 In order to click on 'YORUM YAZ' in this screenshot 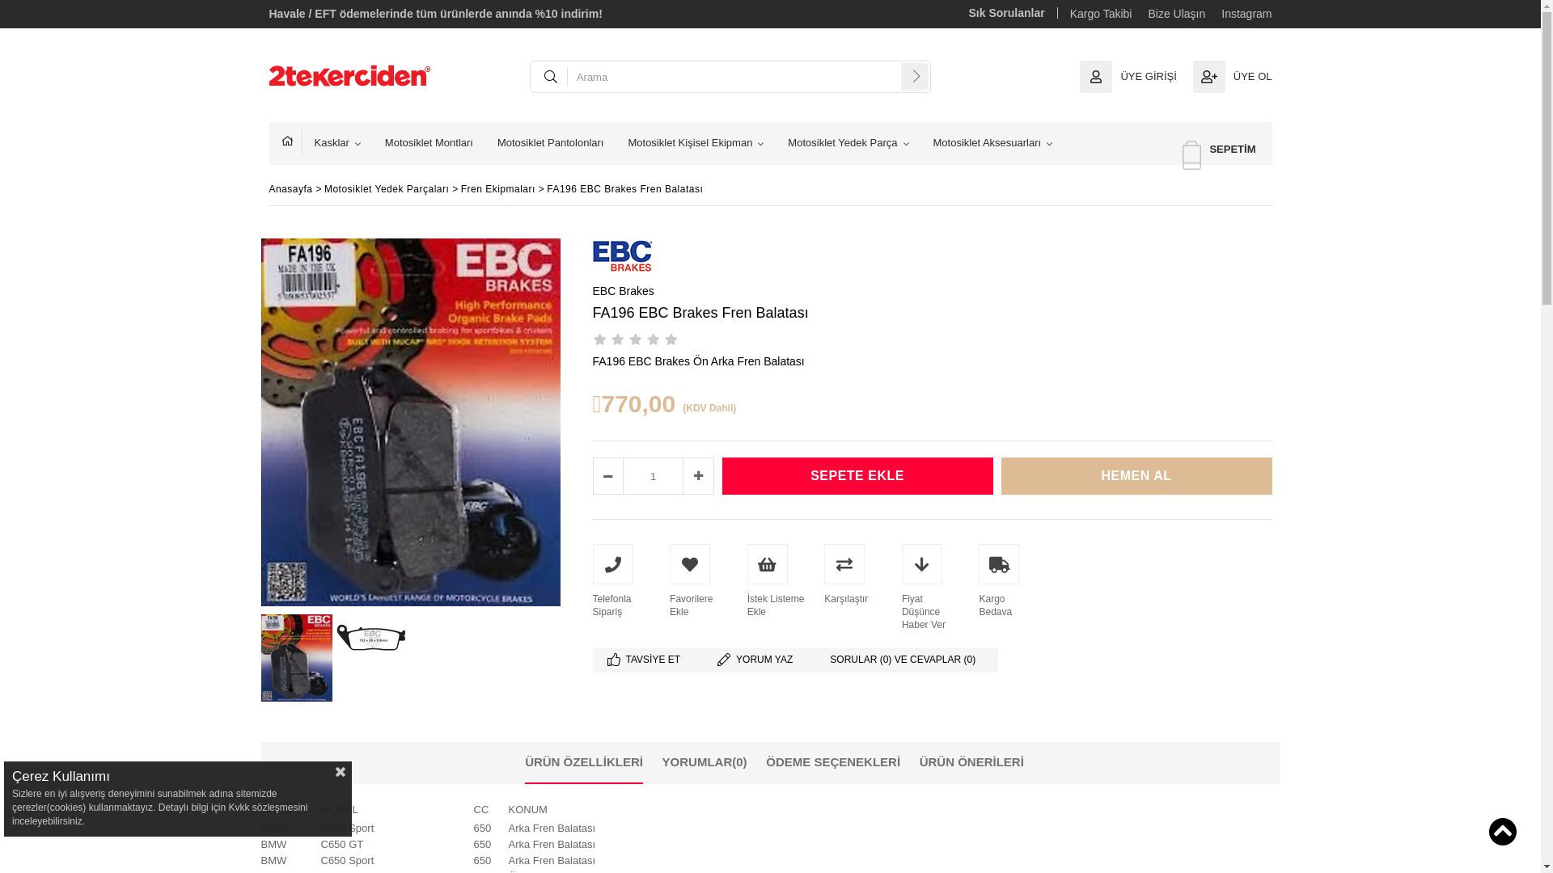, I will do `click(758, 660)`.